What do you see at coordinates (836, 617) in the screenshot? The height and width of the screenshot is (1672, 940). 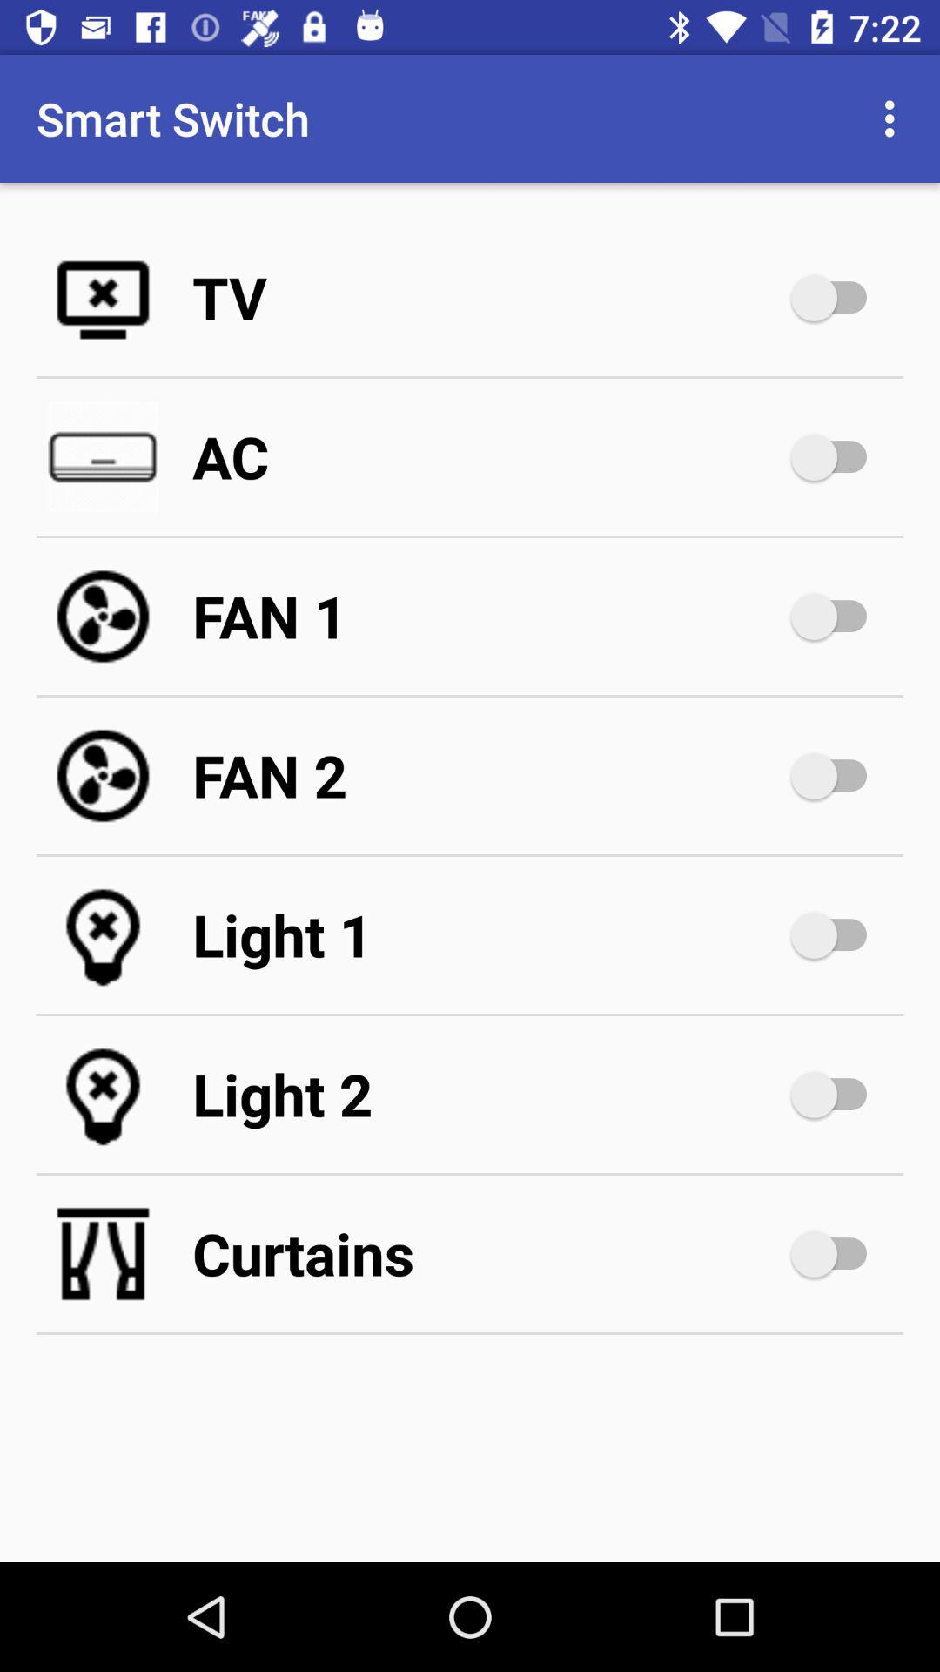 I see `turn on fan 1` at bounding box center [836, 617].